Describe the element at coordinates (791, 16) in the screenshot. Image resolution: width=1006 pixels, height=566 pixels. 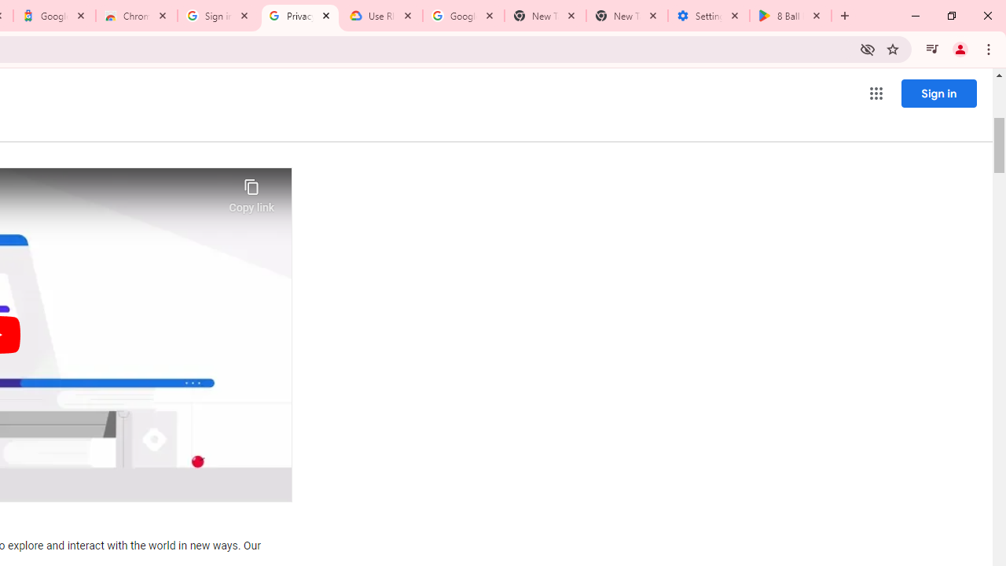
I see `'8 Ball Pool - Apps on Google Play'` at that location.